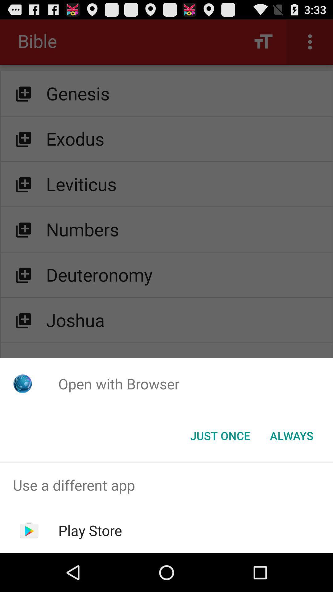 The image size is (333, 592). What do you see at coordinates (90, 530) in the screenshot?
I see `play store` at bounding box center [90, 530].